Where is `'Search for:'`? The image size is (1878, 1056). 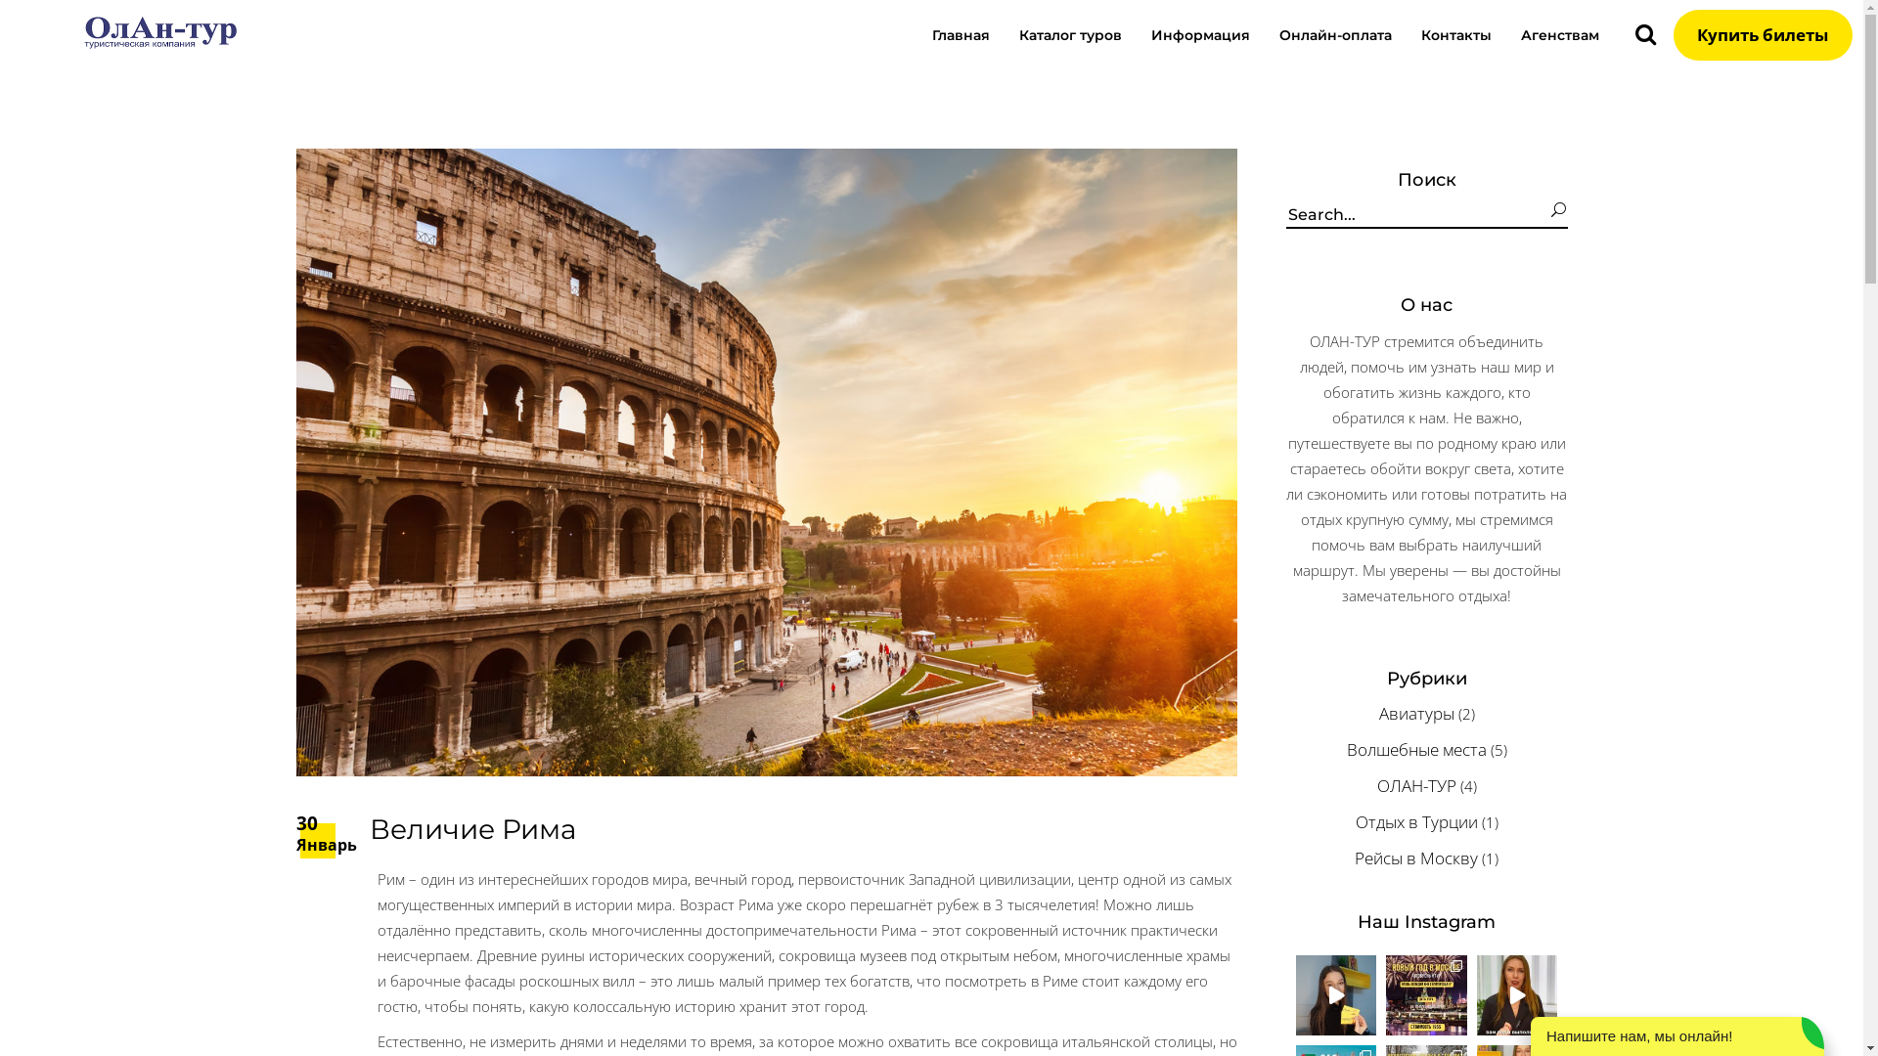
'Search for:' is located at coordinates (1418, 214).